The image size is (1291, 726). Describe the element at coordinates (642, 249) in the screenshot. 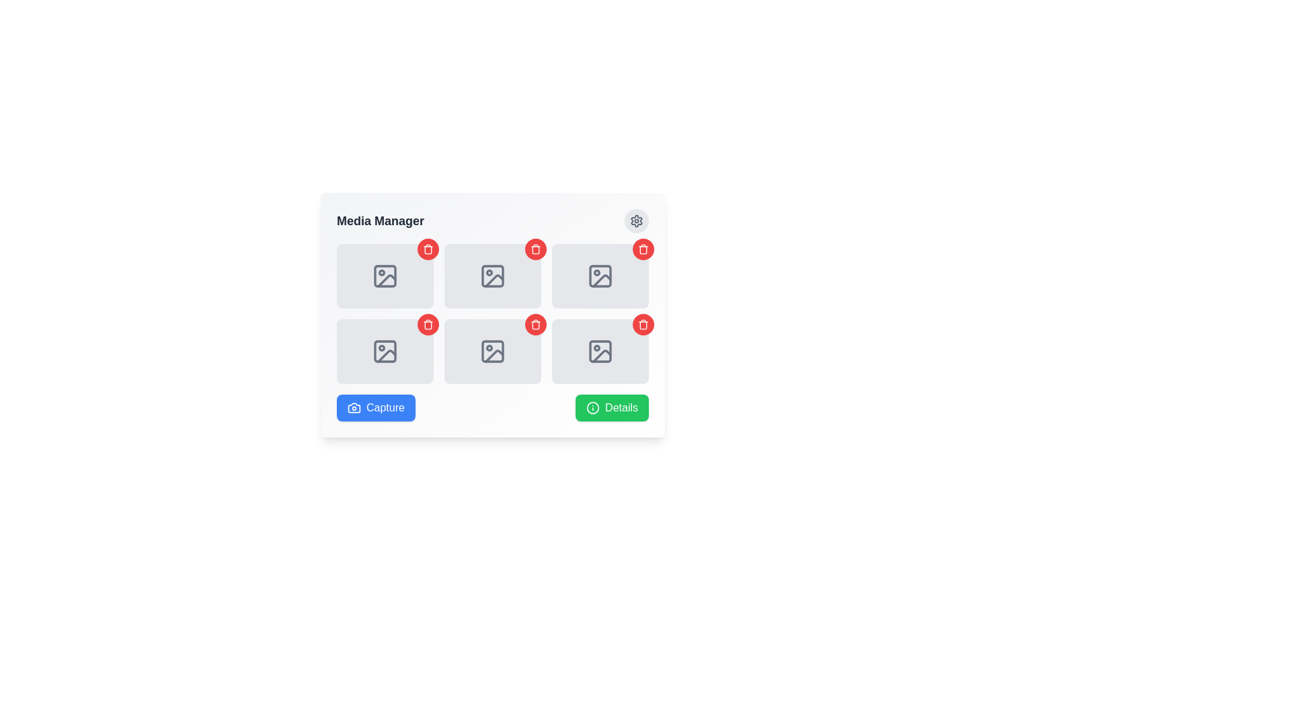

I see `the small circular red button with a trash icon located at the top right corner of the gray media card` at that location.